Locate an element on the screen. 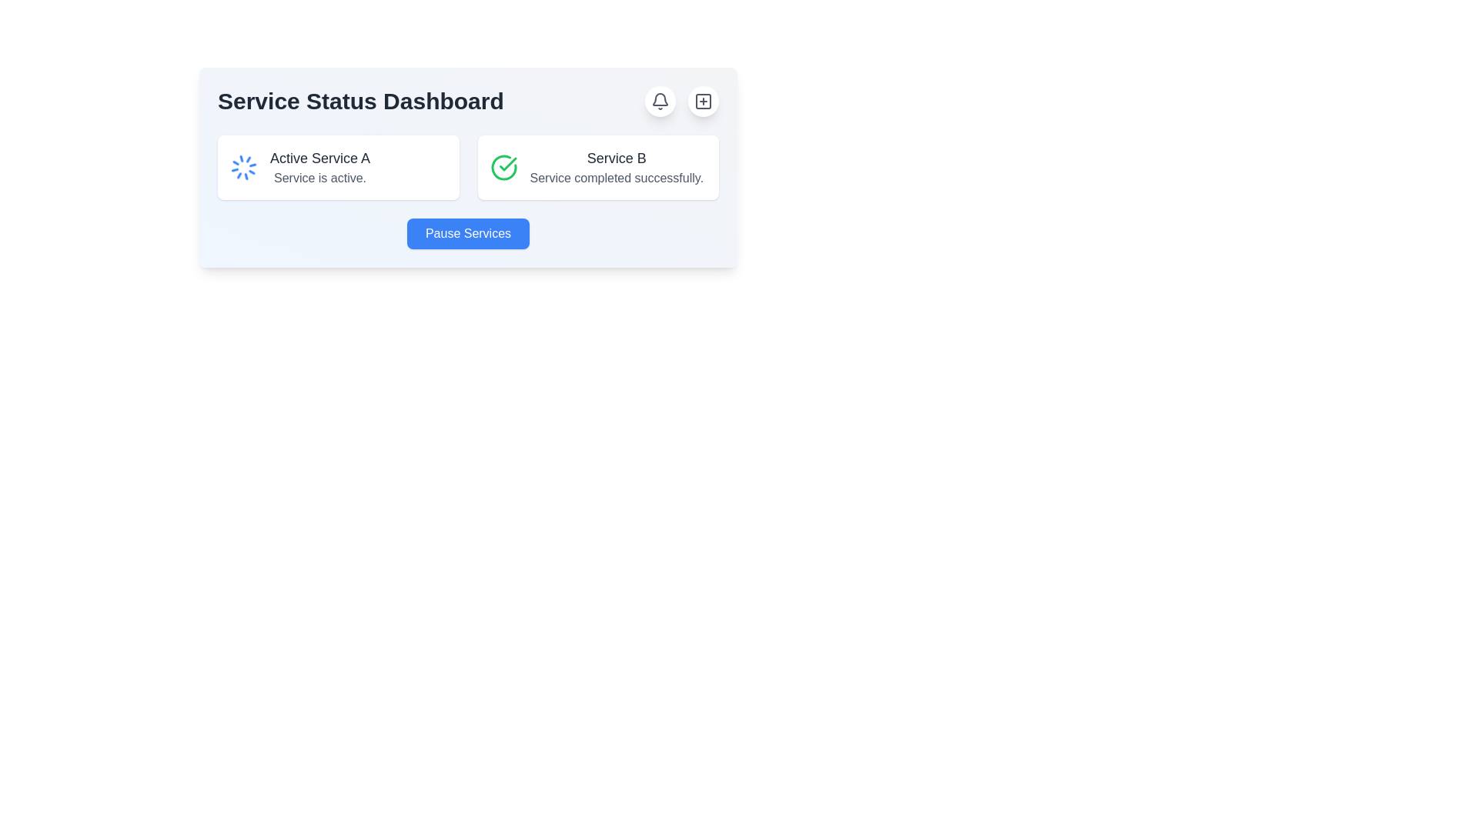  the Loader Icon indicating the active state of 'Active Service A' located on the left side of the card within the 'Service Status Dashboard' is located at coordinates (242, 168).